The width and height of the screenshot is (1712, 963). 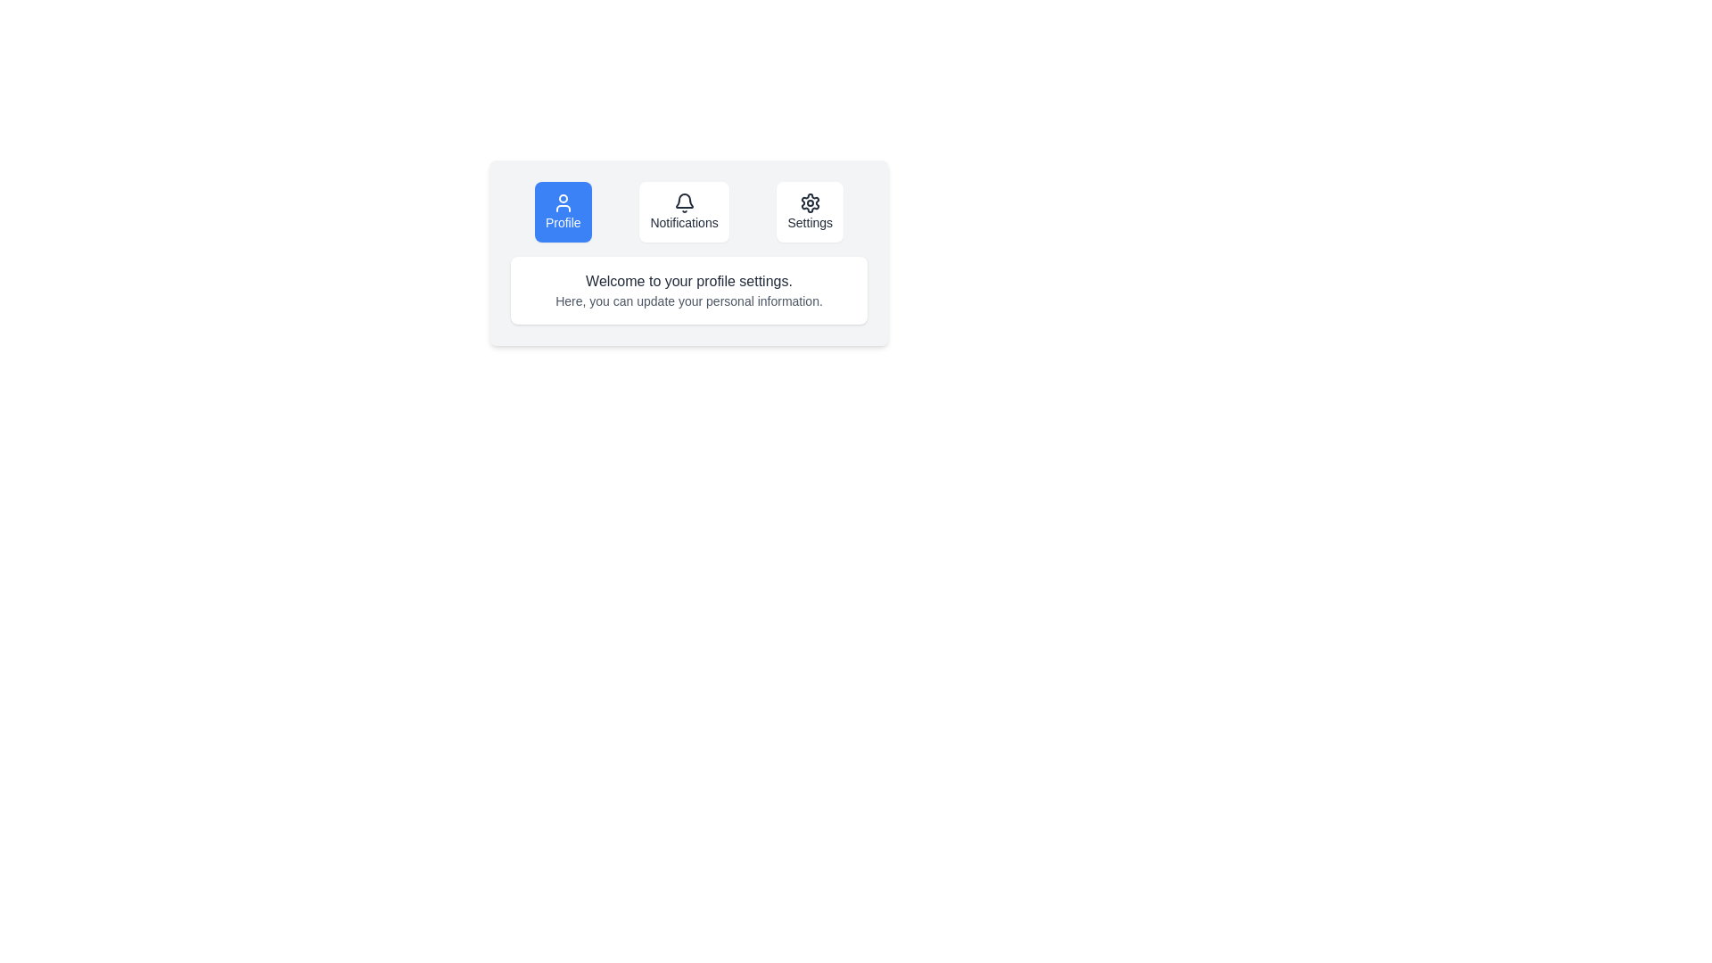 I want to click on the Profile tab, so click(x=562, y=211).